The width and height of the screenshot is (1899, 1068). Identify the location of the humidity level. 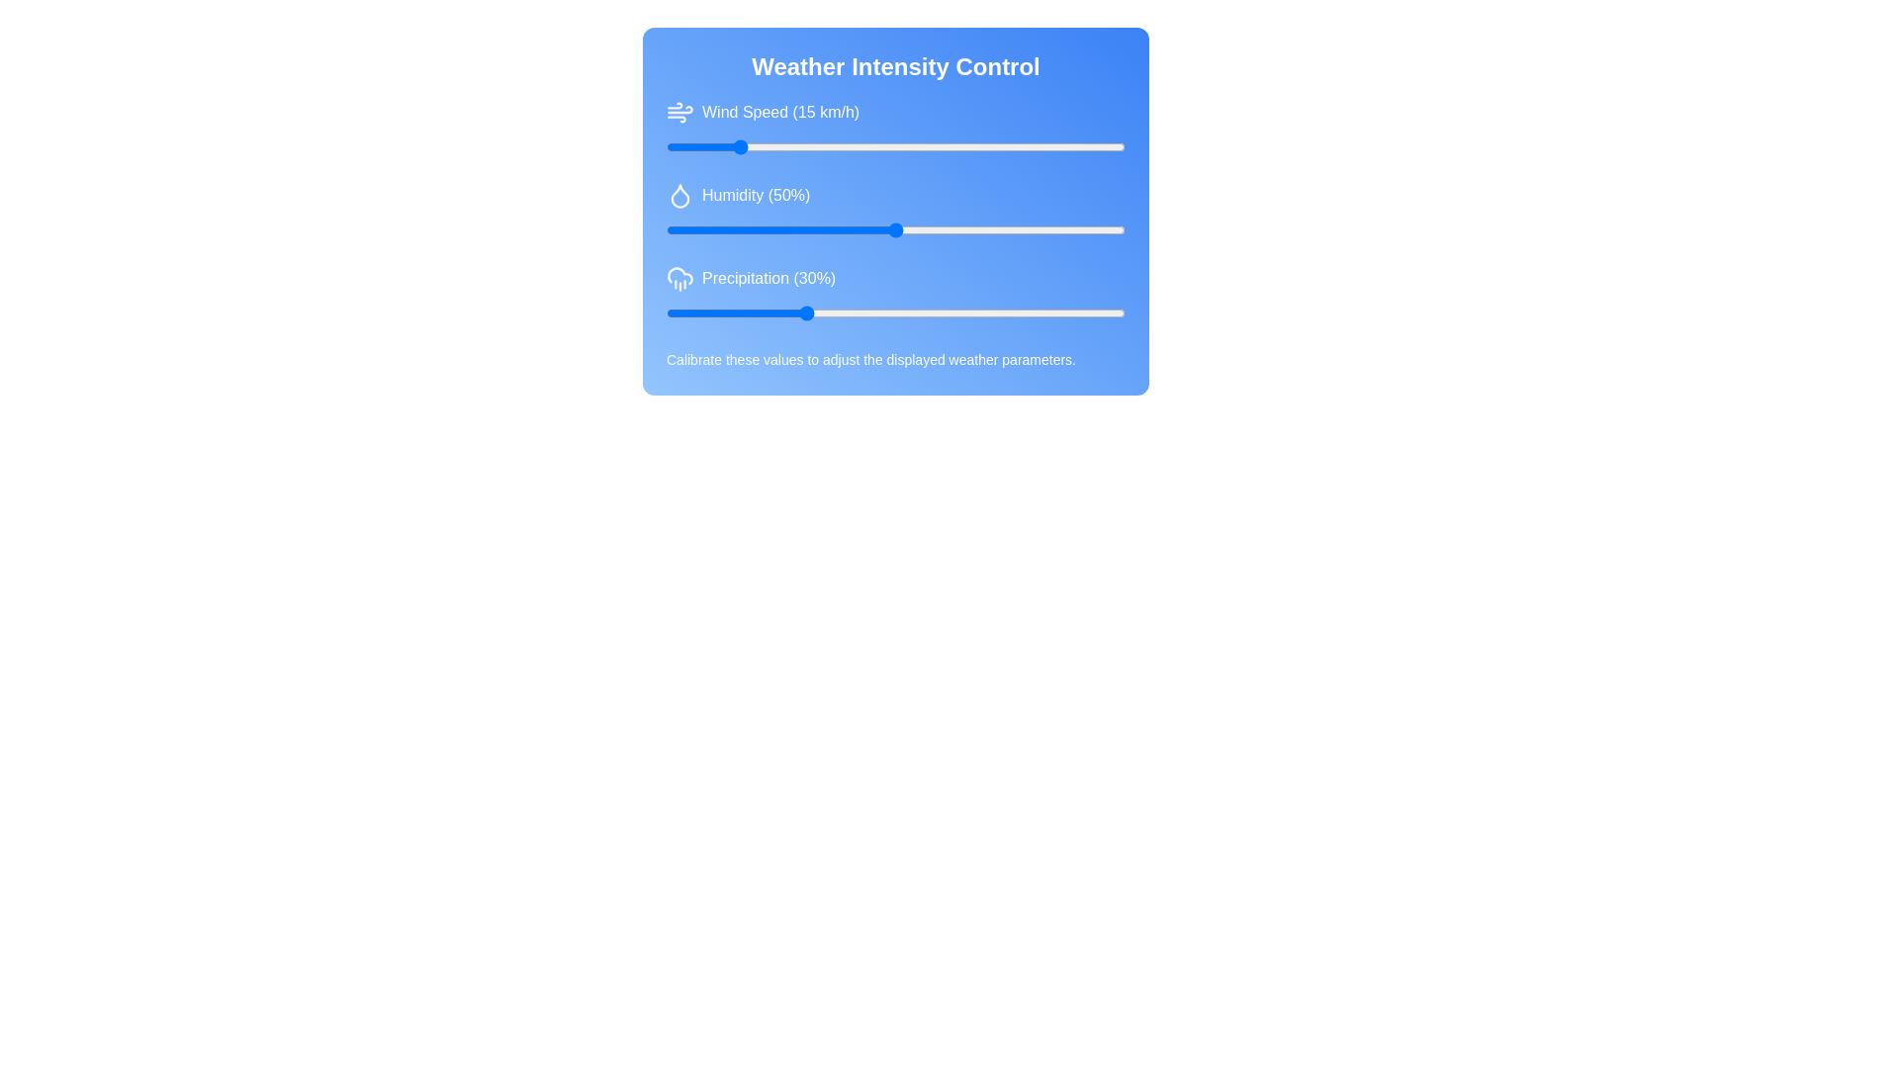
(1073, 228).